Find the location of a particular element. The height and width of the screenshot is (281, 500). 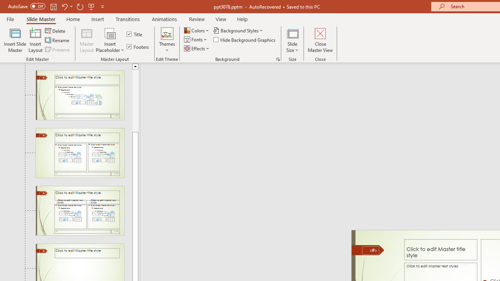

'Preserve' is located at coordinates (58, 50).